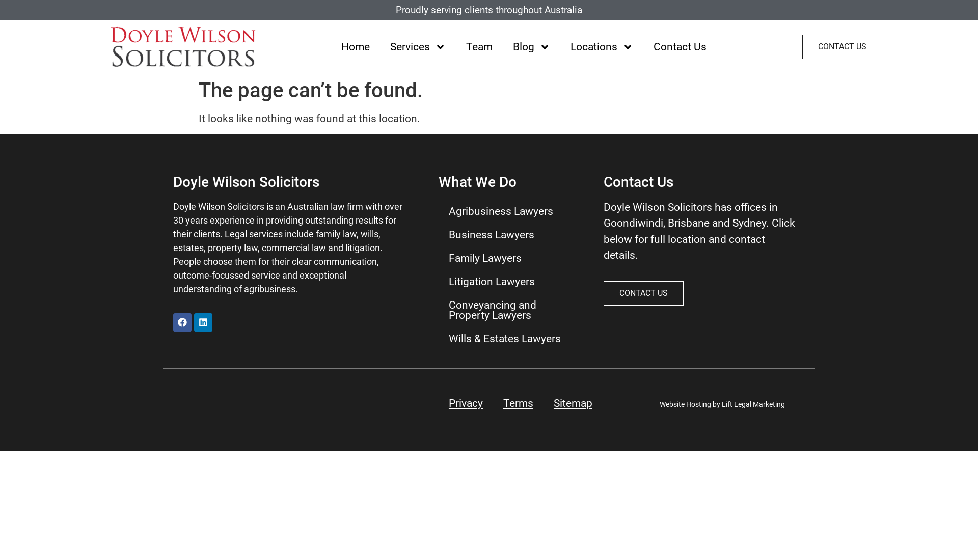  I want to click on 'Blog', so click(503, 46).